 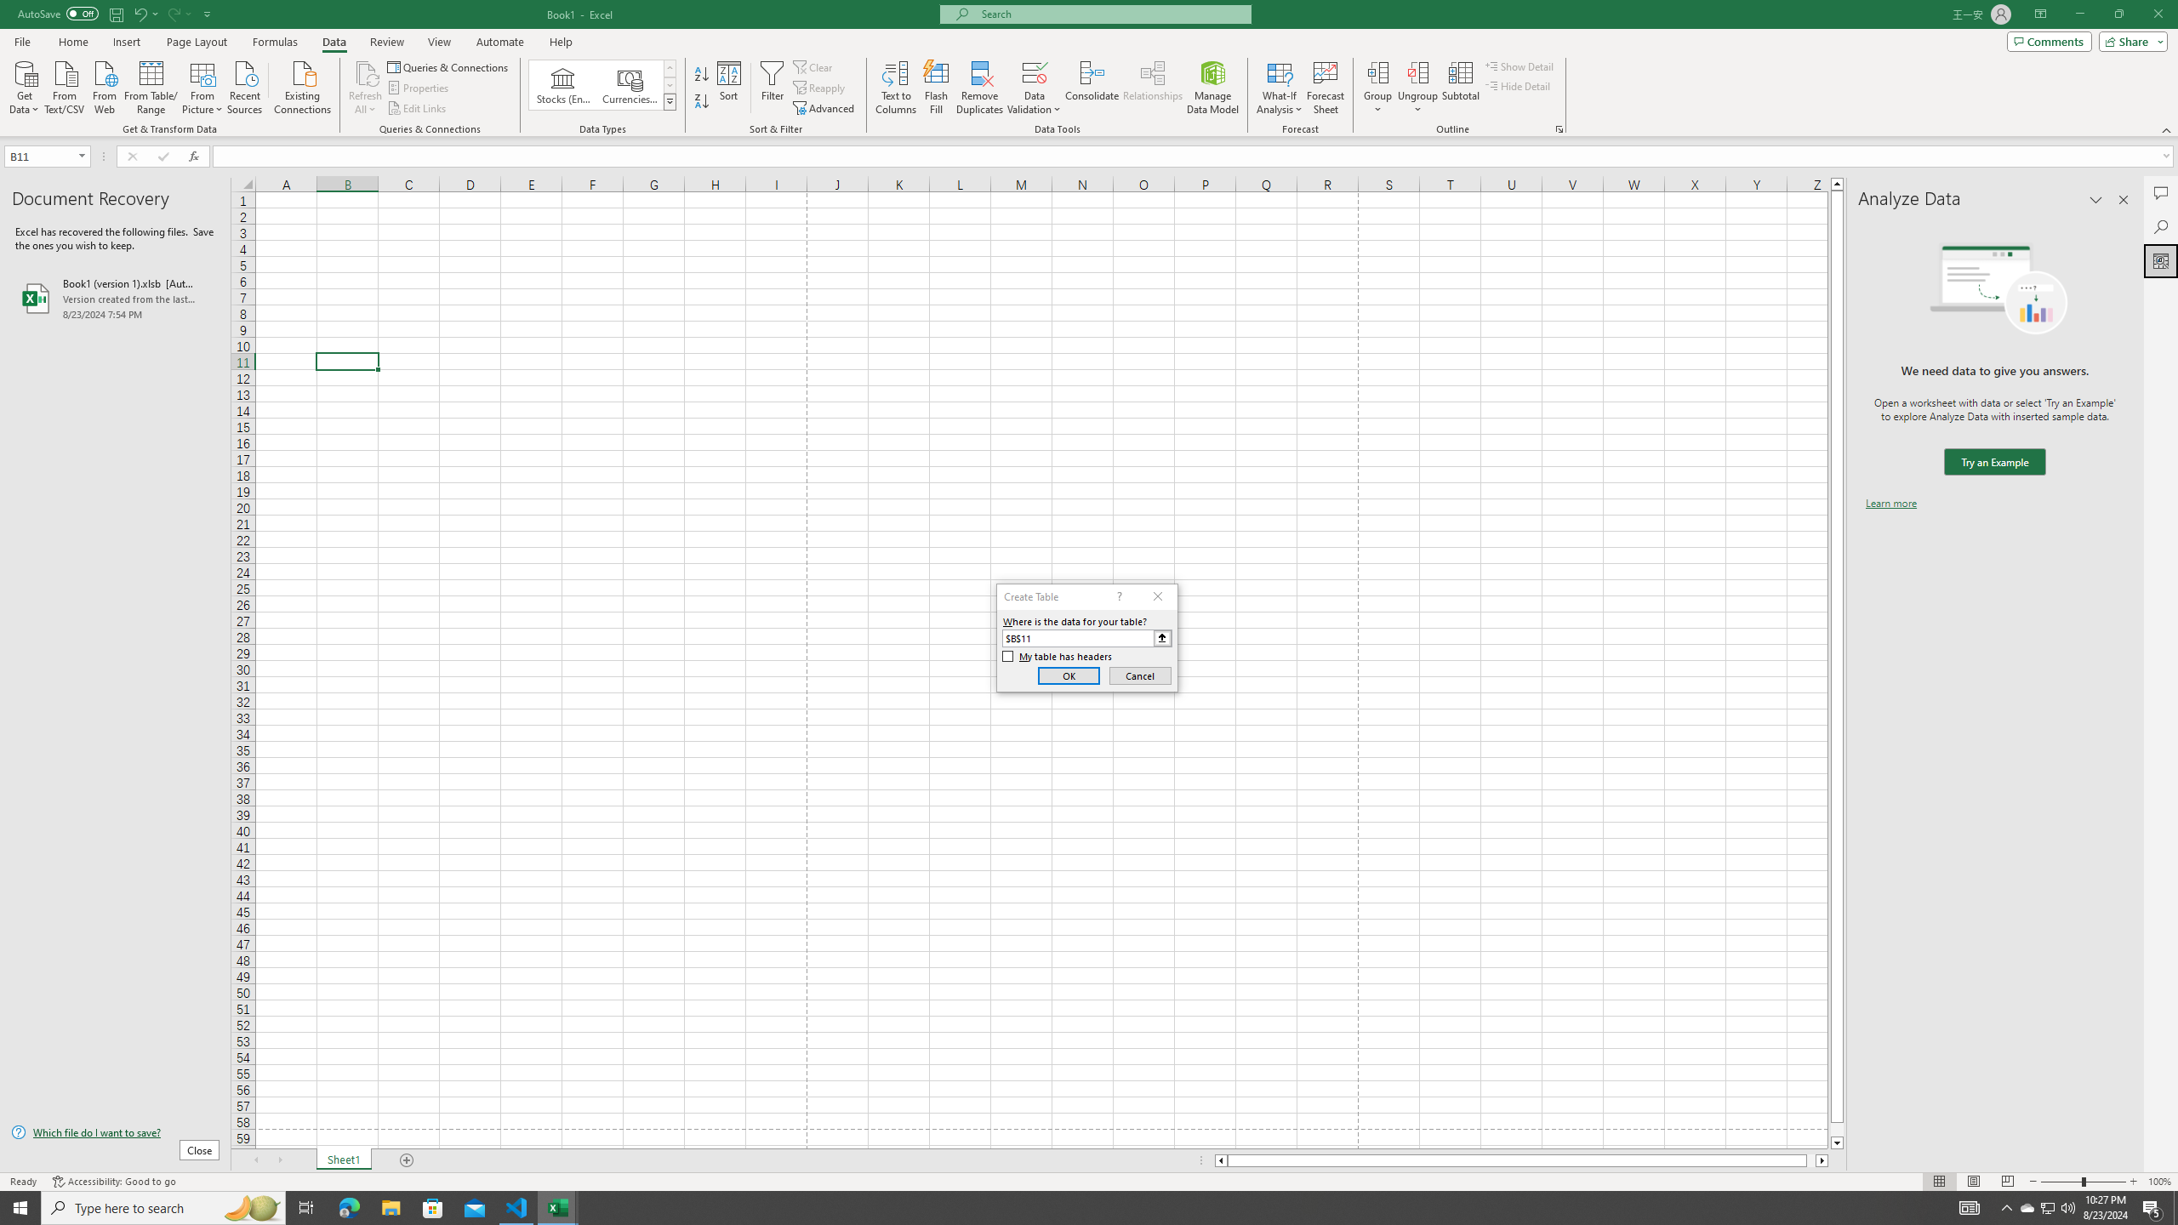 What do you see at coordinates (670, 68) in the screenshot?
I see `'Row up'` at bounding box center [670, 68].